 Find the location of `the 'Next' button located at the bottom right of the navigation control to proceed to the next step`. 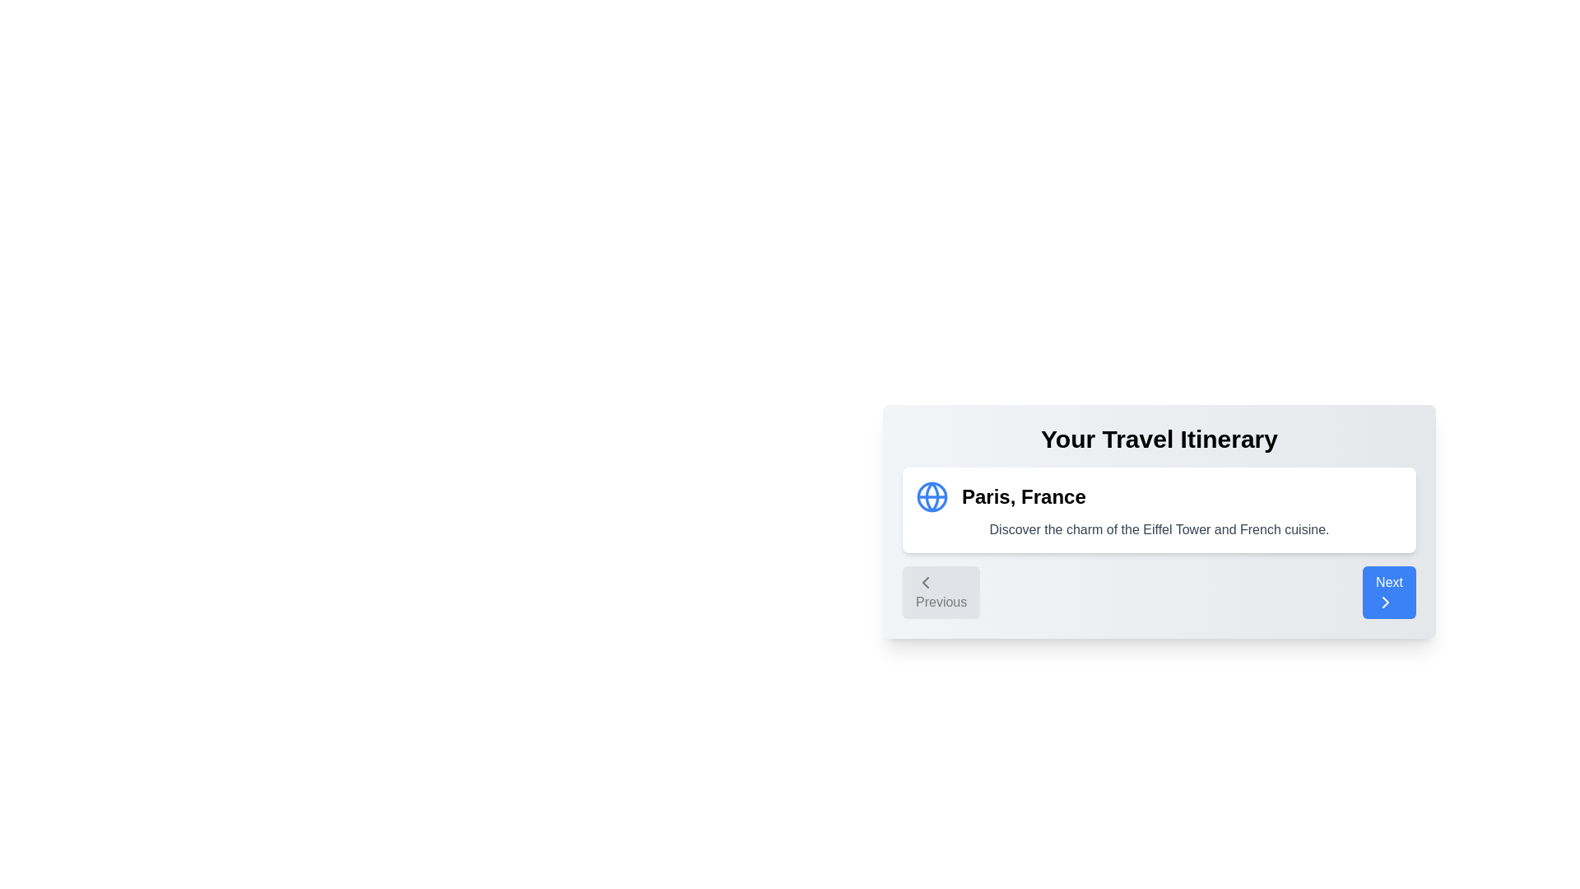

the 'Next' button located at the bottom right of the navigation control to proceed to the next step is located at coordinates (1388, 593).